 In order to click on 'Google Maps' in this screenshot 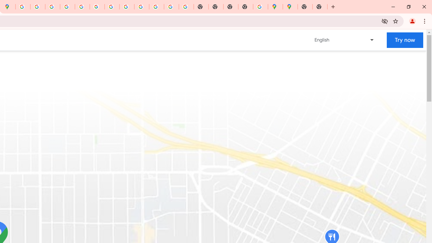, I will do `click(275, 7)`.